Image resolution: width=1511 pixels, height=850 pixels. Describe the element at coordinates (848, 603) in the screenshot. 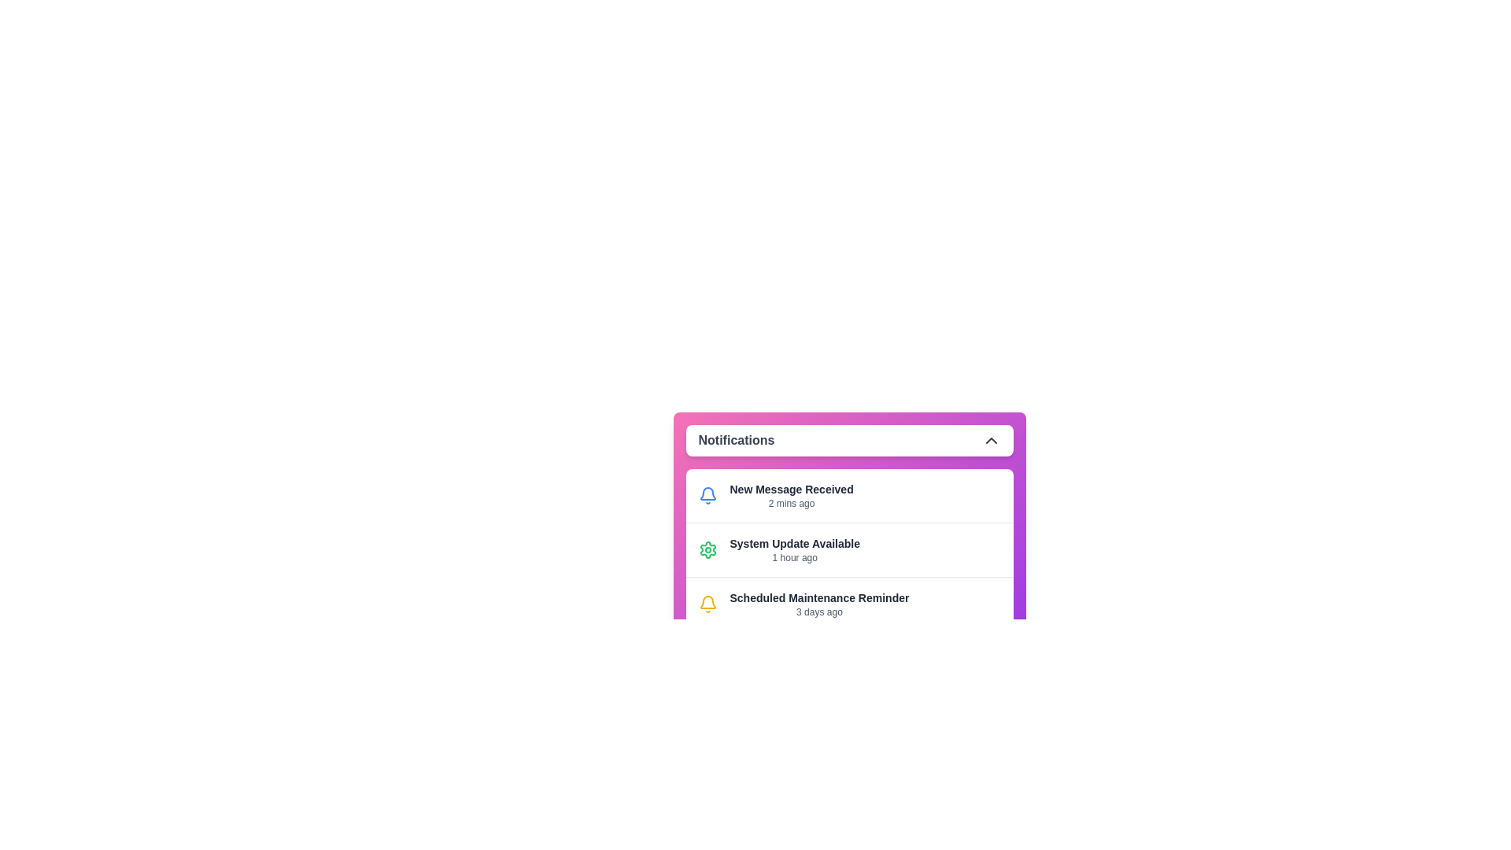

I see `the Notification Item that provides a reminder notification about scheduled maintenance, located in the third position of the notifications list under the 'Notifications' header` at that location.